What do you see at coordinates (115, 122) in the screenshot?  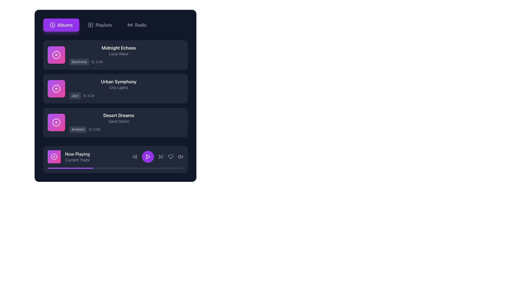 I see `the third card in the Albums section titled 'Desert Dreams'` at bounding box center [115, 122].